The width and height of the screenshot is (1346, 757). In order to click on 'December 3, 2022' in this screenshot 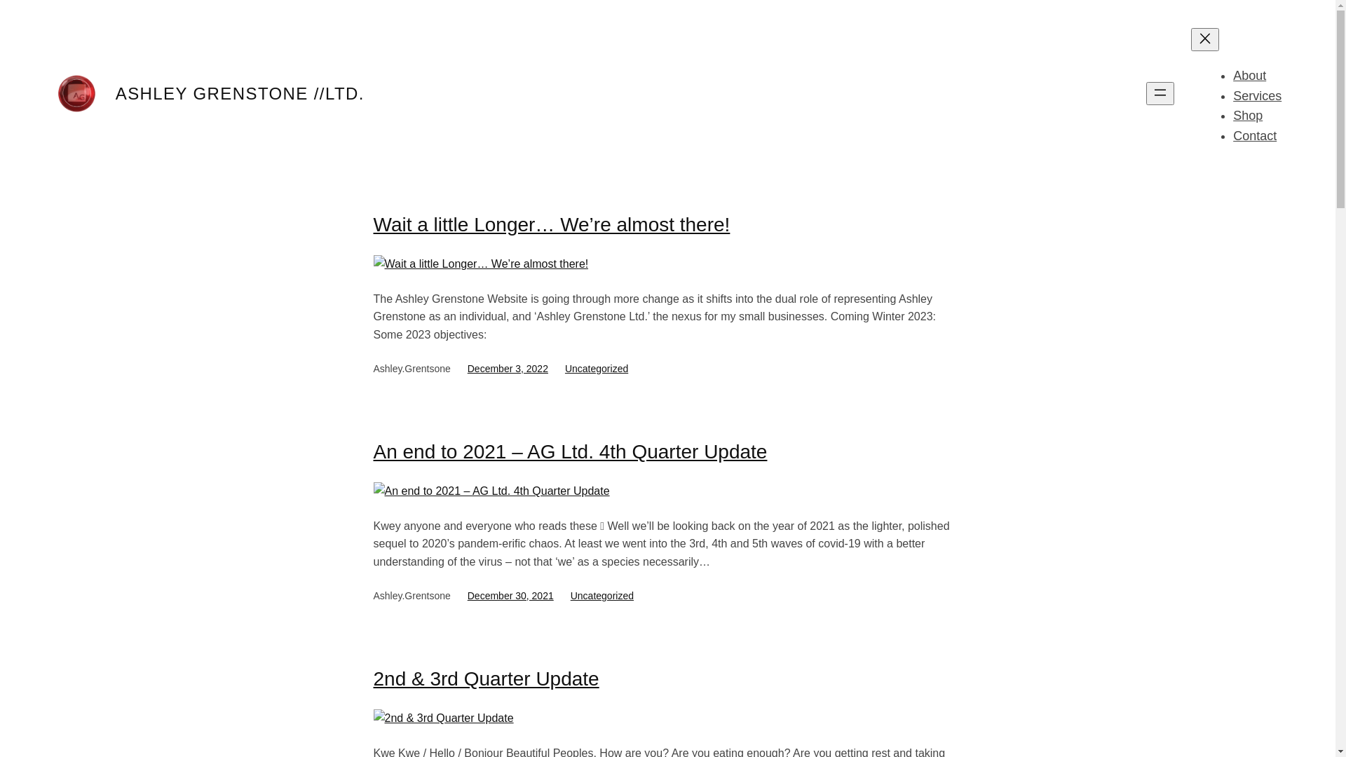, I will do `click(507, 367)`.